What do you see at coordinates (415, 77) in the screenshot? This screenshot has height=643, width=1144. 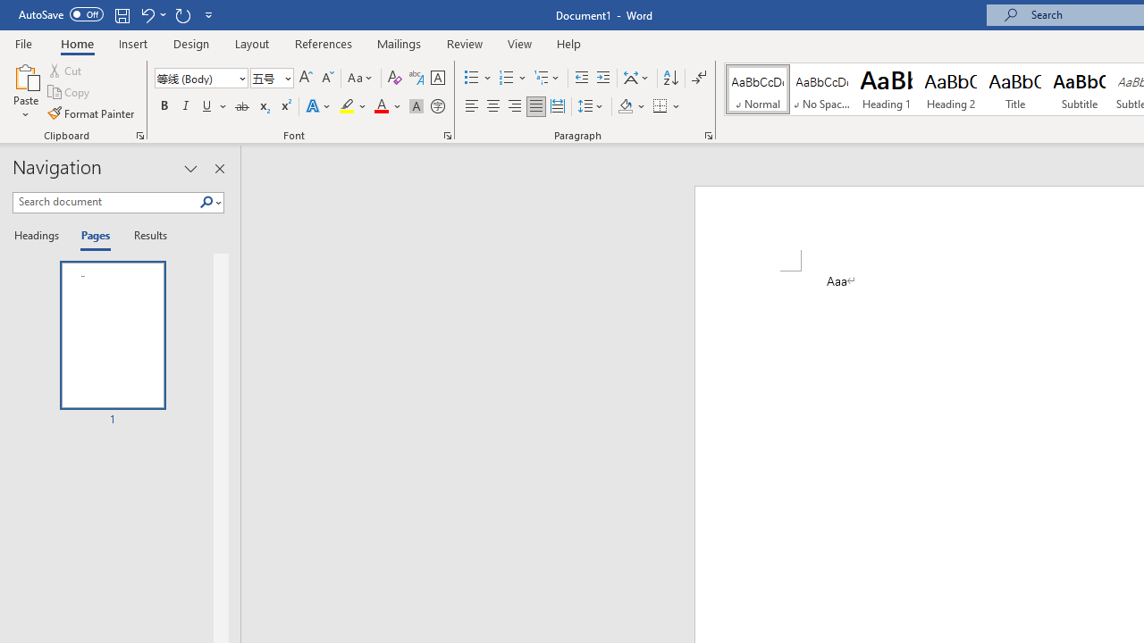 I see `'Phonetic Guide...'` at bounding box center [415, 77].